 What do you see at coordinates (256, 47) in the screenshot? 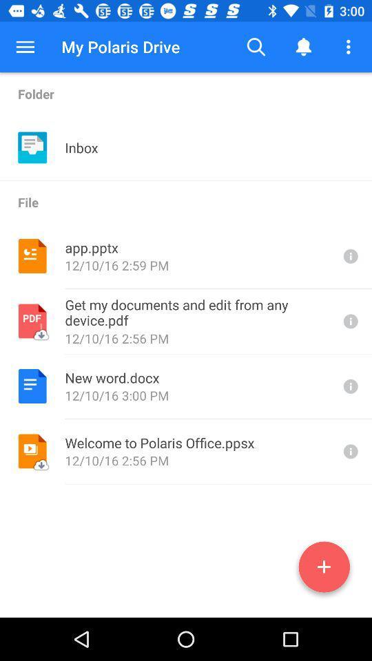
I see `the item next to the my polaris drive icon` at bounding box center [256, 47].